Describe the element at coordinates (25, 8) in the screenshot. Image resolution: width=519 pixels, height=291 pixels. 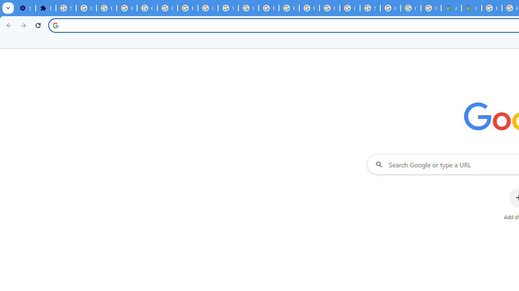
I see `'Settings - On startup'` at that location.